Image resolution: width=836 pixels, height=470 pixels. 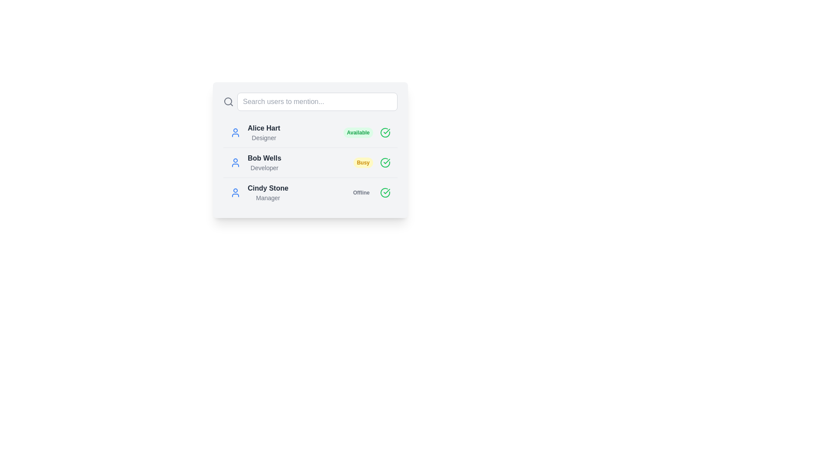 I want to click on the search icon located in the top-left section of the search interface, so click(x=228, y=101).